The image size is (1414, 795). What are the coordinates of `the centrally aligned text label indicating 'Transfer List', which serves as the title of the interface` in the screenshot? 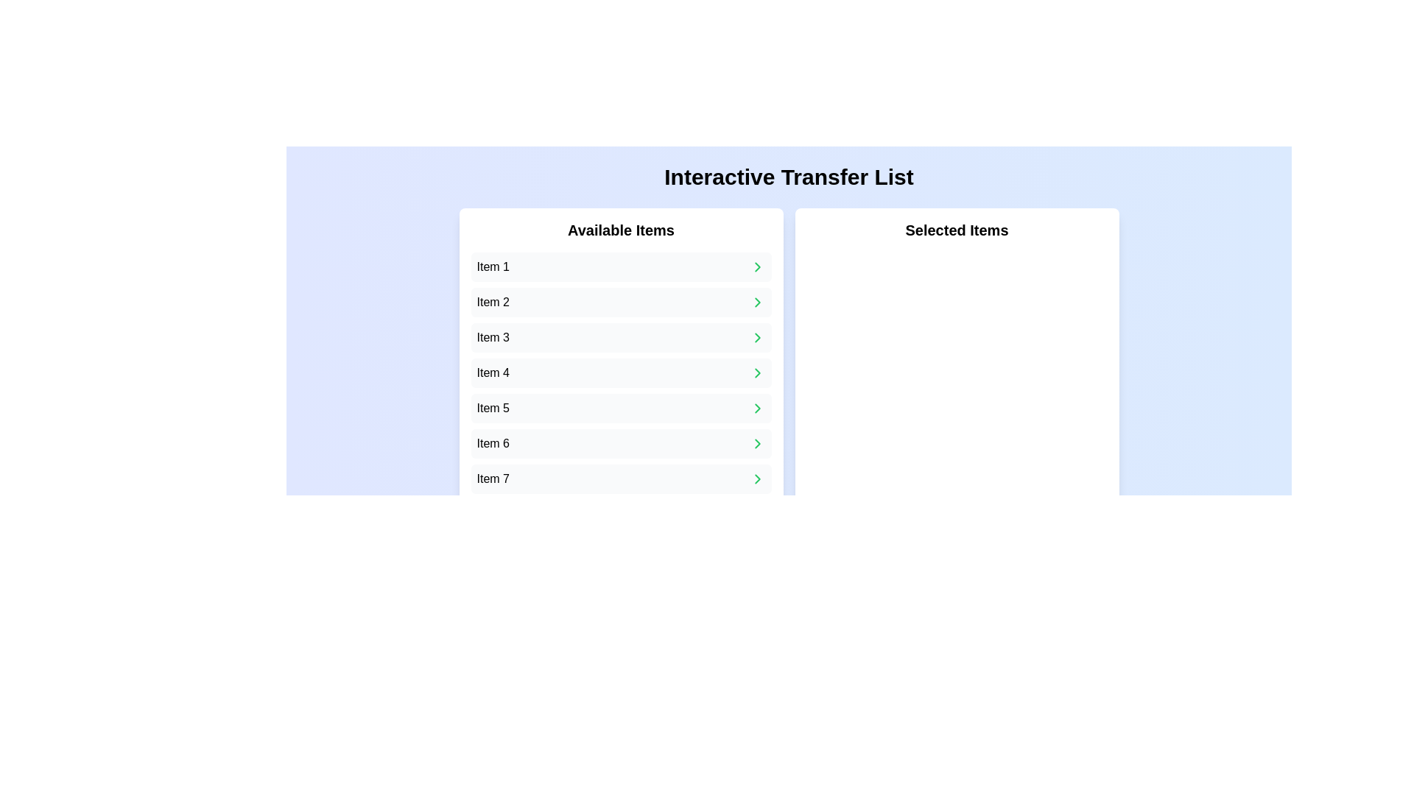 It's located at (788, 176).